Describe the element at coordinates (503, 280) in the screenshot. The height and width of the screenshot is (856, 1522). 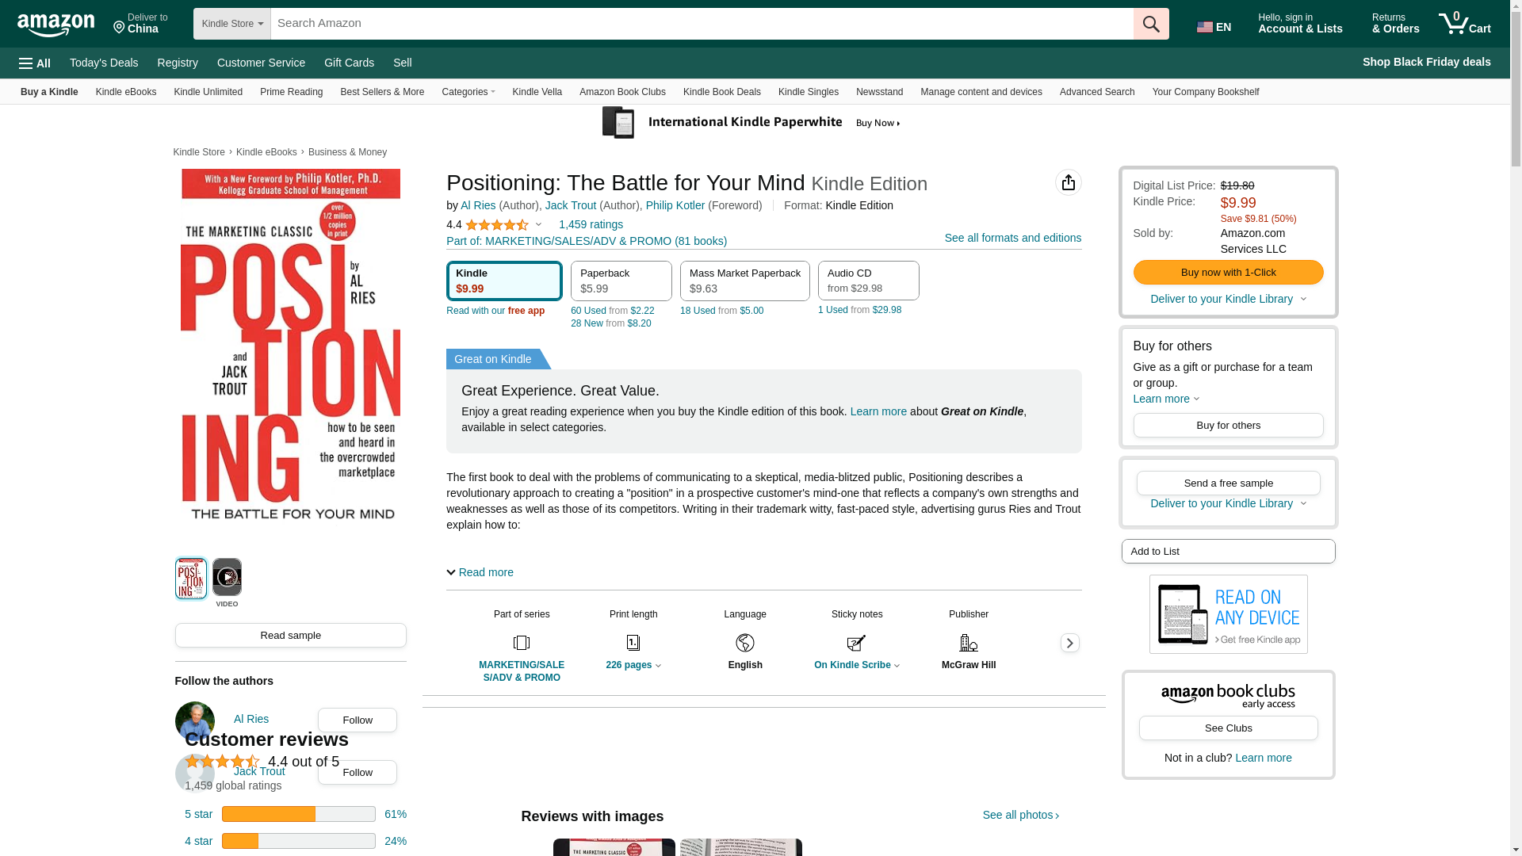
I see `'Kindle` at that location.